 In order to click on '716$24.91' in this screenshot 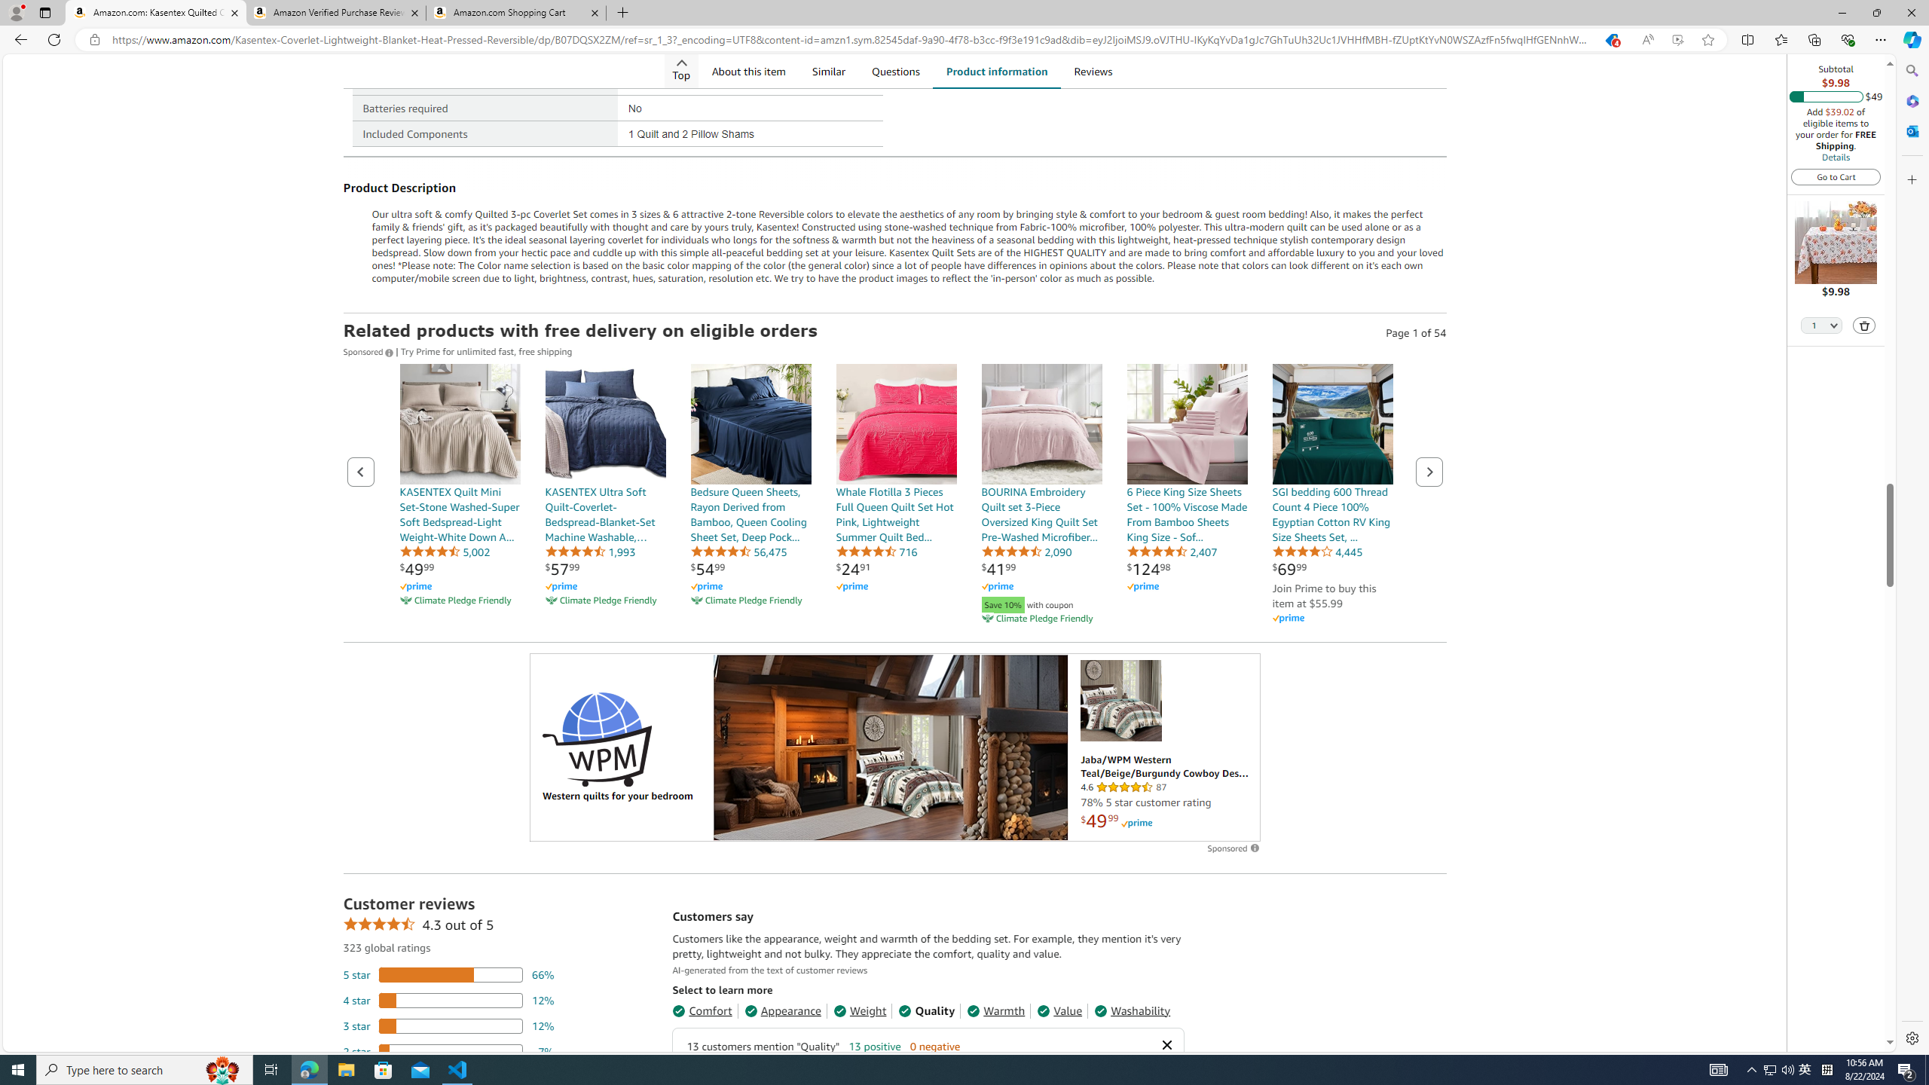, I will do `click(896, 494)`.